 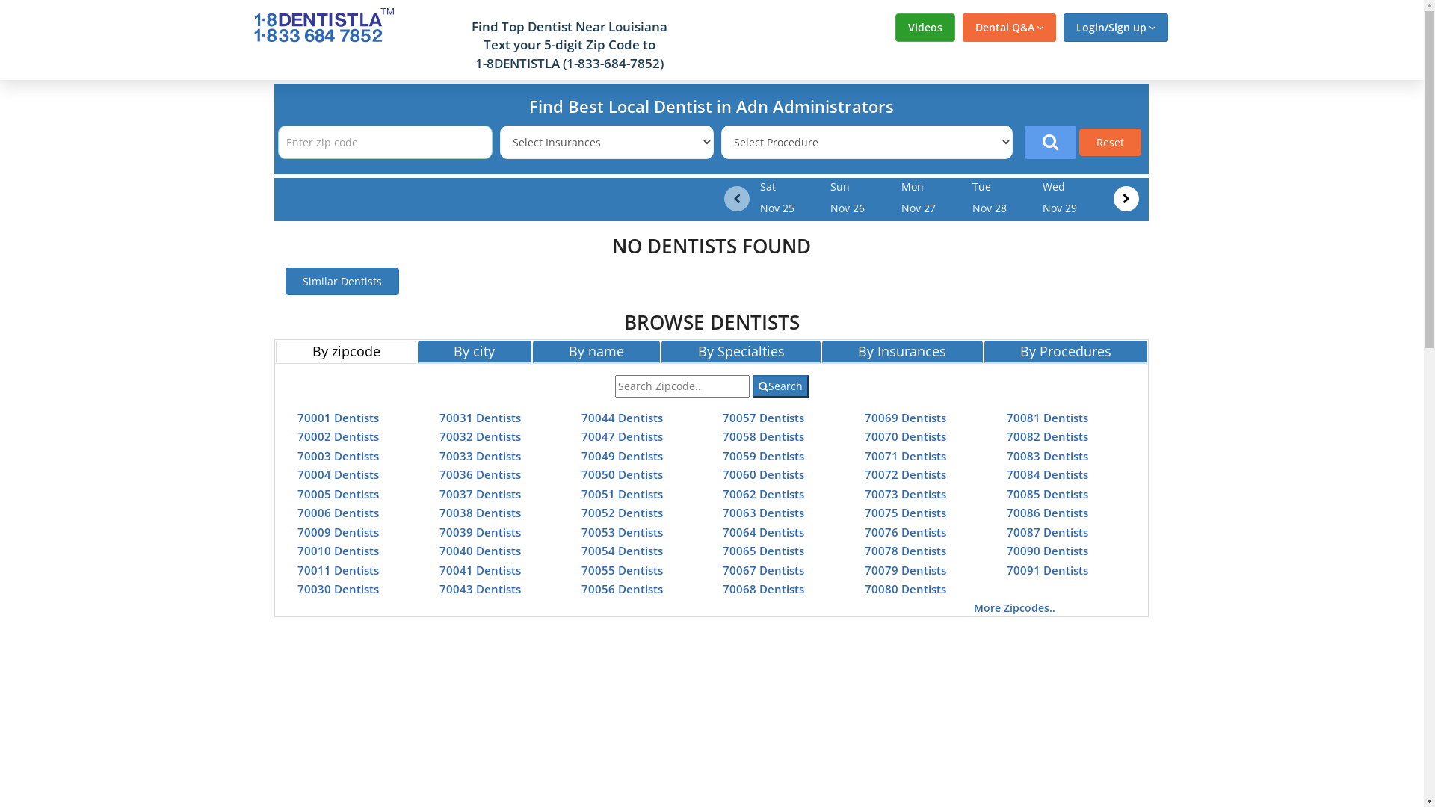 What do you see at coordinates (1046, 531) in the screenshot?
I see `'70087 Dentists'` at bounding box center [1046, 531].